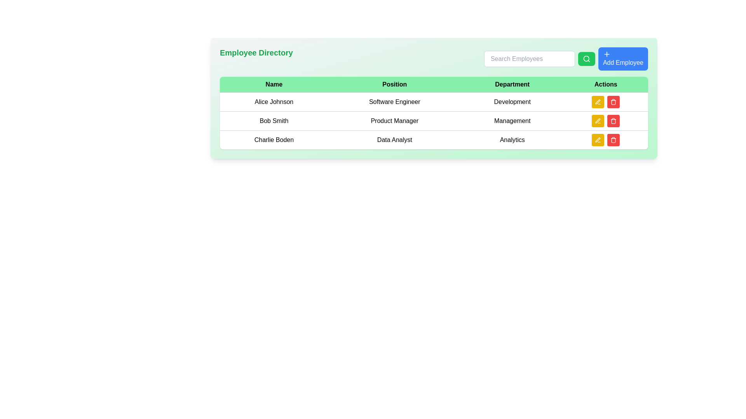 The image size is (746, 419). Describe the element at coordinates (613, 121) in the screenshot. I see `the red button with a white trash icon located in the 'Actions' column of the second row of the table` at that location.